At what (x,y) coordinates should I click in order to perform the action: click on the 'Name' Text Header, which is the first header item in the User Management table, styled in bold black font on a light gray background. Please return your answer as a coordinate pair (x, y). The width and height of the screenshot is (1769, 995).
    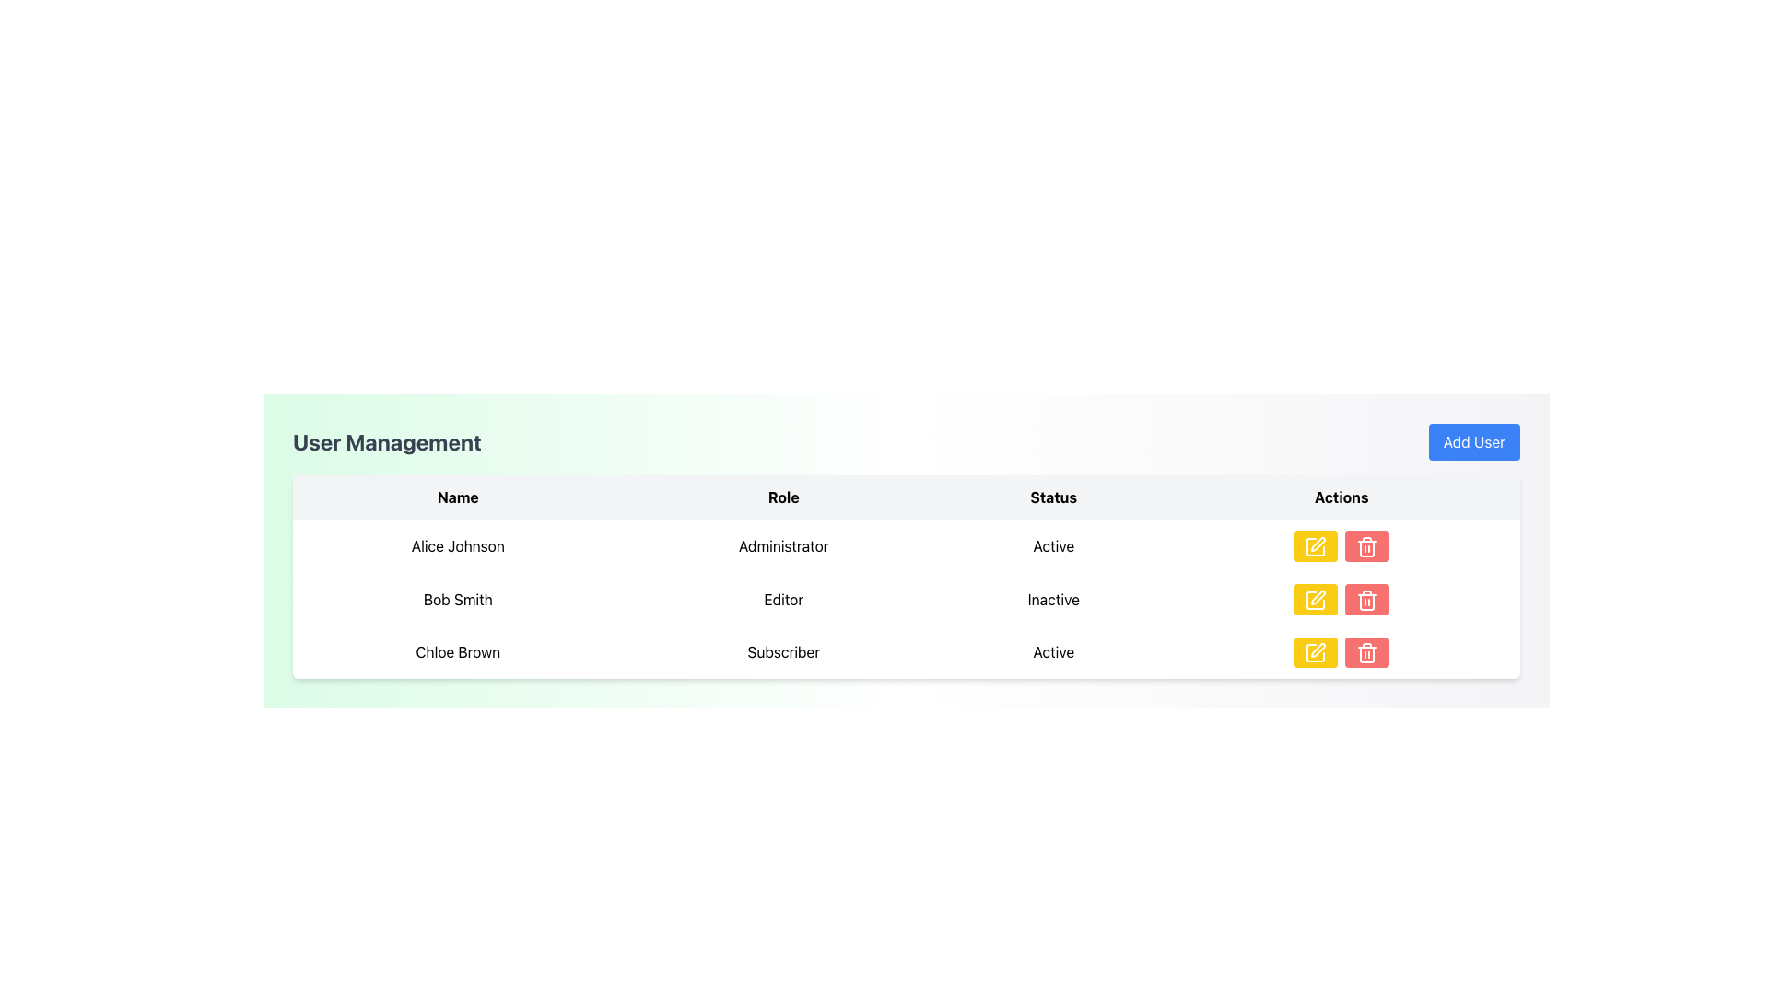
    Looking at the image, I should click on (458, 497).